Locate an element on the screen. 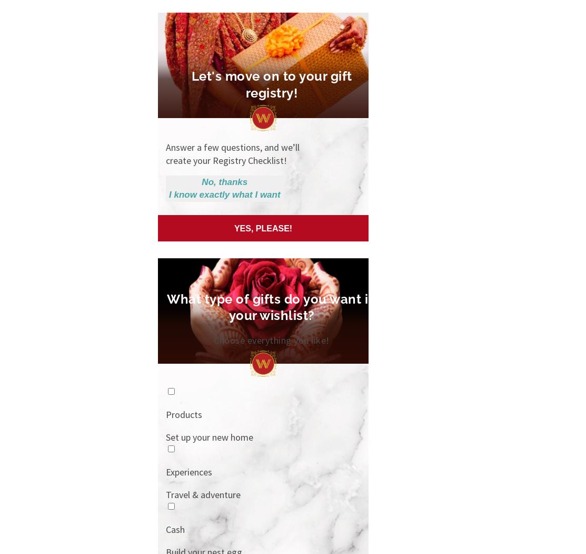  'create your Registry Checklist!' is located at coordinates (225, 159).